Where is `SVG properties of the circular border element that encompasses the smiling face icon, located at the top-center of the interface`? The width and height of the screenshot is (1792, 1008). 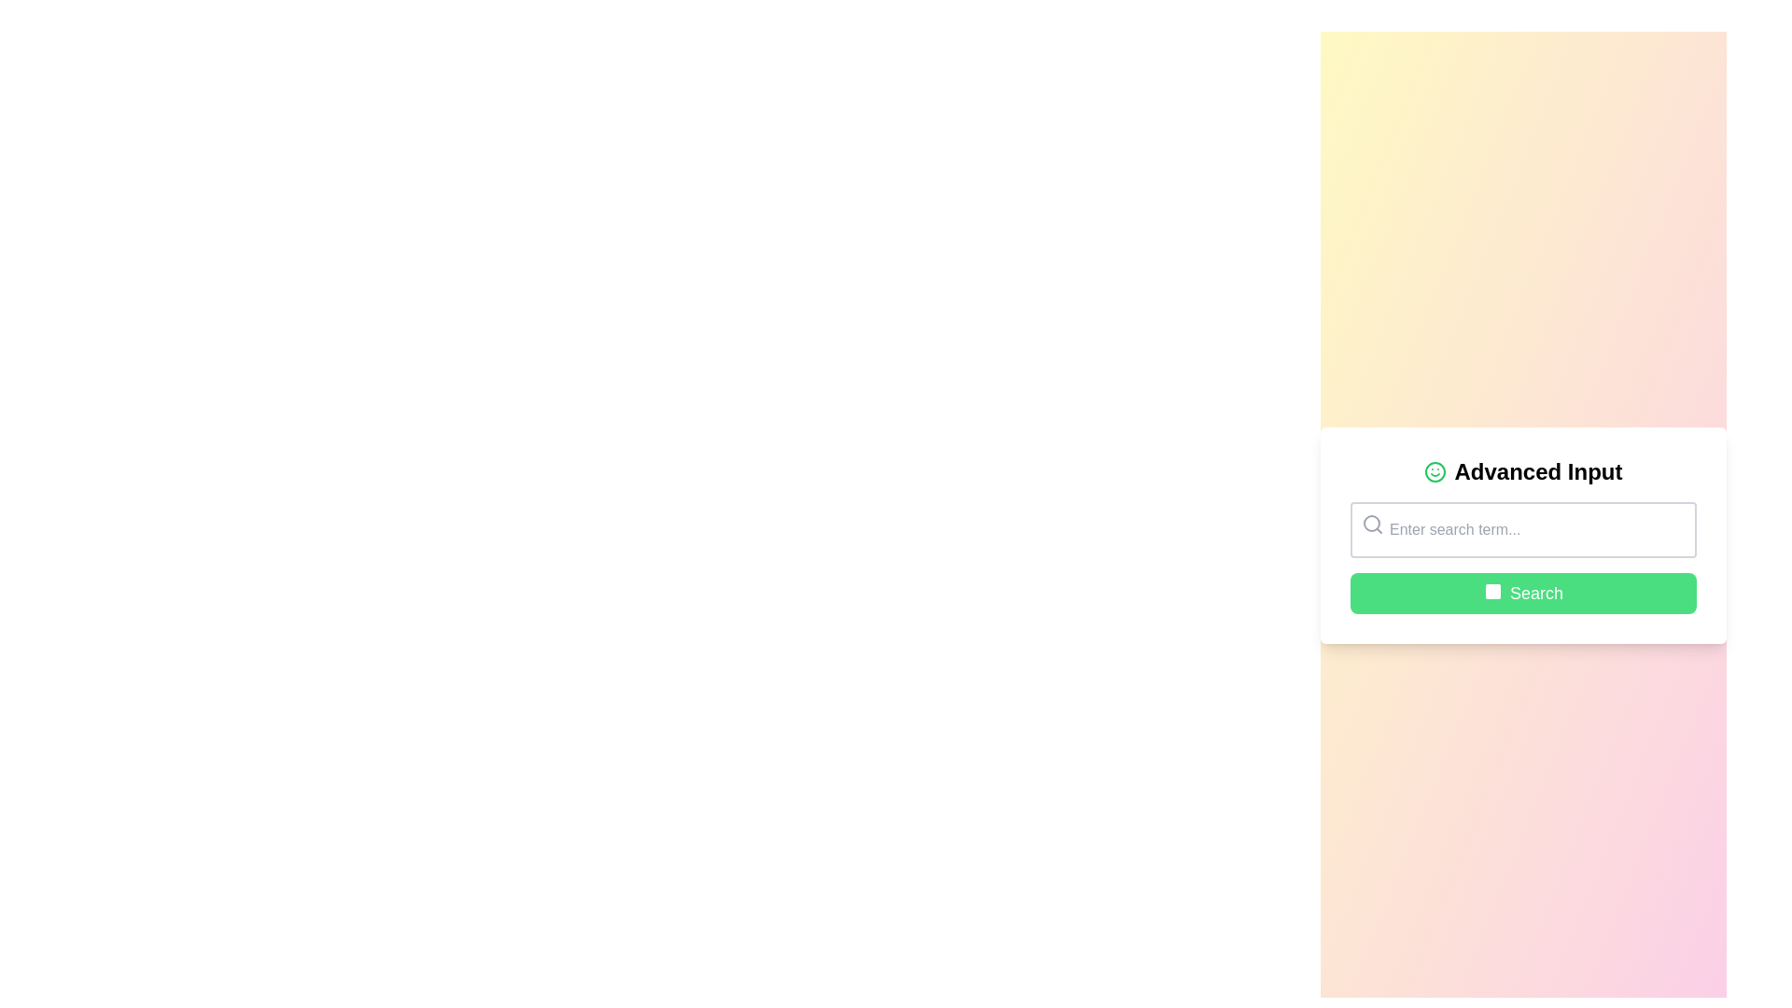 SVG properties of the circular border element that encompasses the smiling face icon, located at the top-center of the interface is located at coordinates (1435, 470).